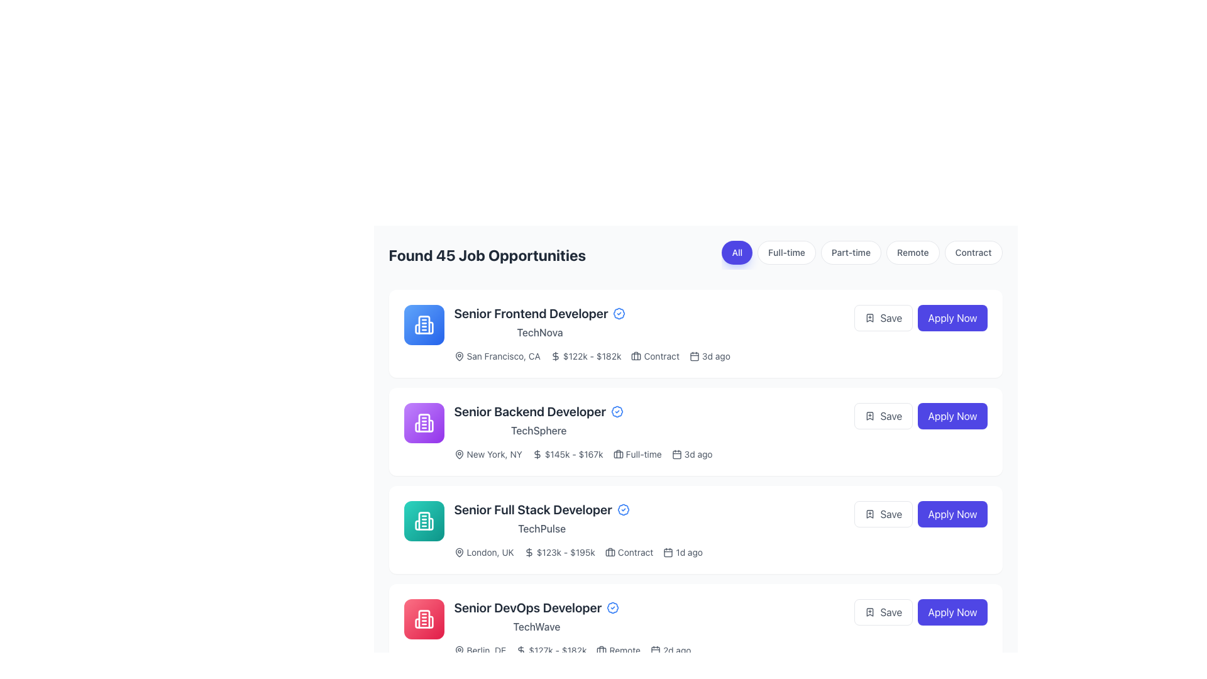 This screenshot has height=679, width=1207. What do you see at coordinates (536, 607) in the screenshot?
I see `the bold text header 'Senior DevOps Developer'` at bounding box center [536, 607].